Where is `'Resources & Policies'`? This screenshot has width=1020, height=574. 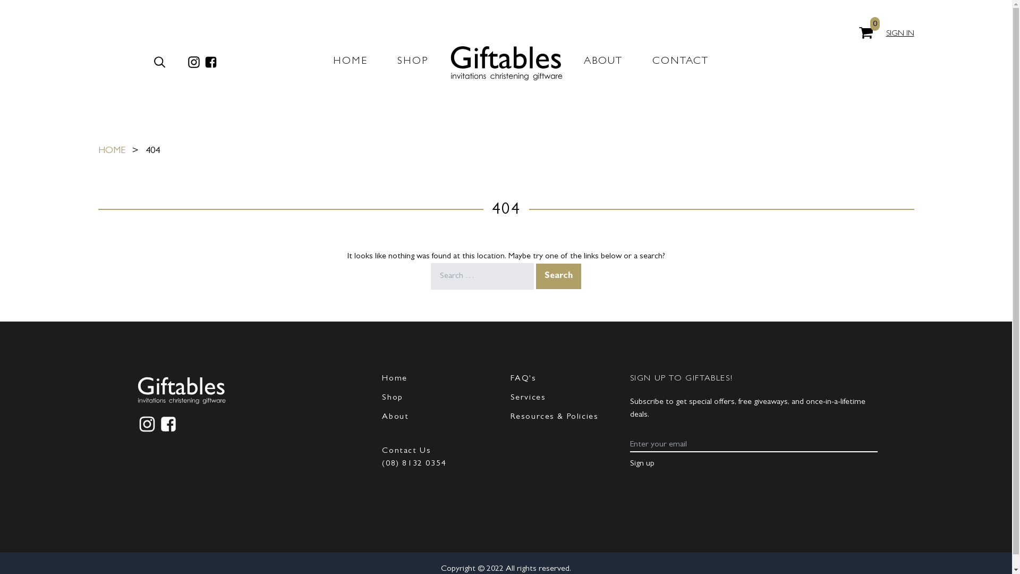
'Resources & Policies' is located at coordinates (553, 417).